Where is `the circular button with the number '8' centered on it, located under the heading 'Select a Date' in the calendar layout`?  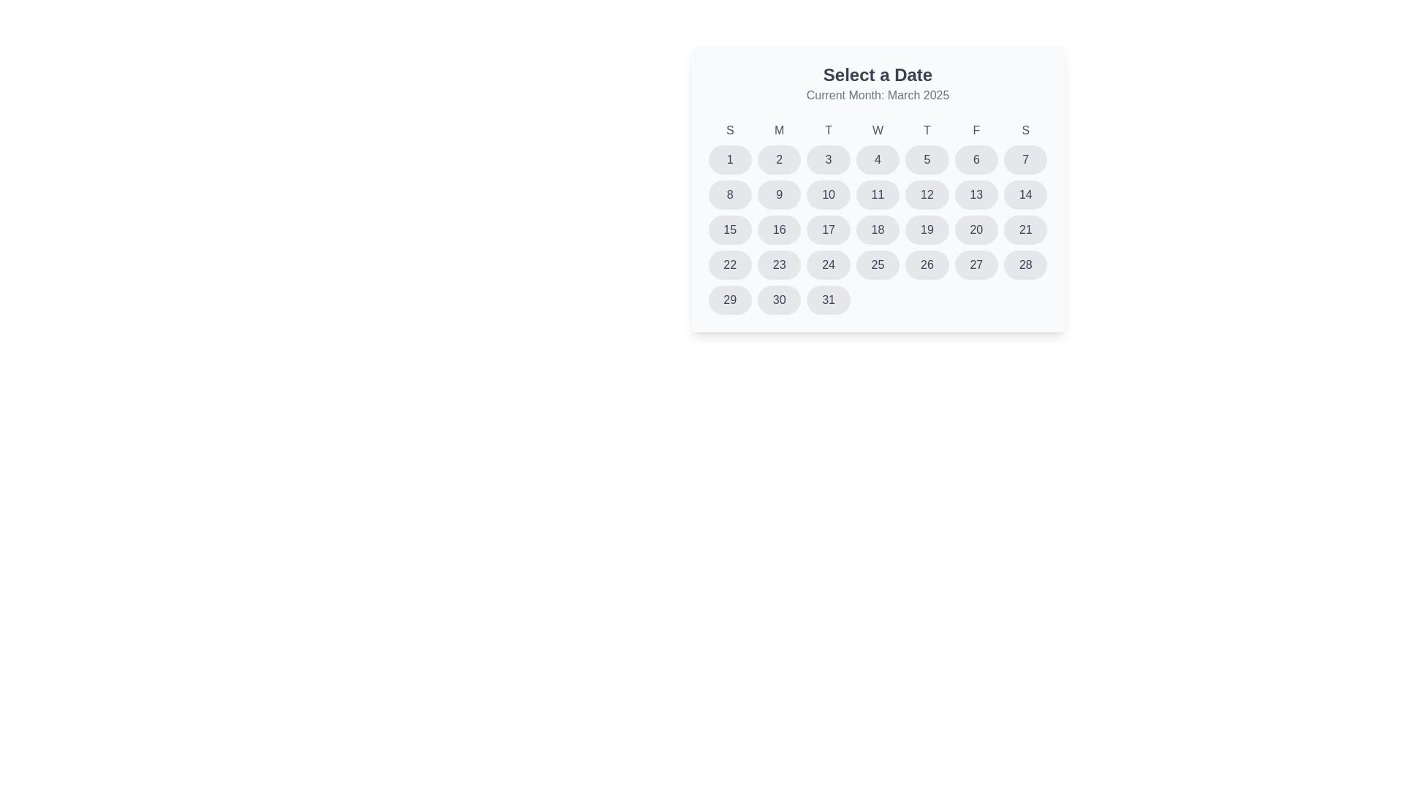 the circular button with the number '8' centered on it, located under the heading 'Select a Date' in the calendar layout is located at coordinates (730, 194).